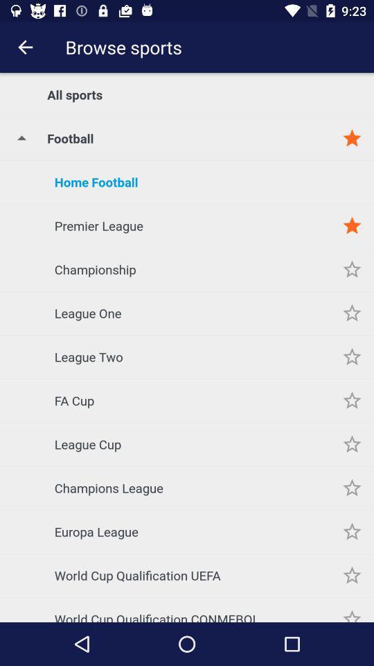 The image size is (374, 666). I want to click on champions league, so click(352, 488).